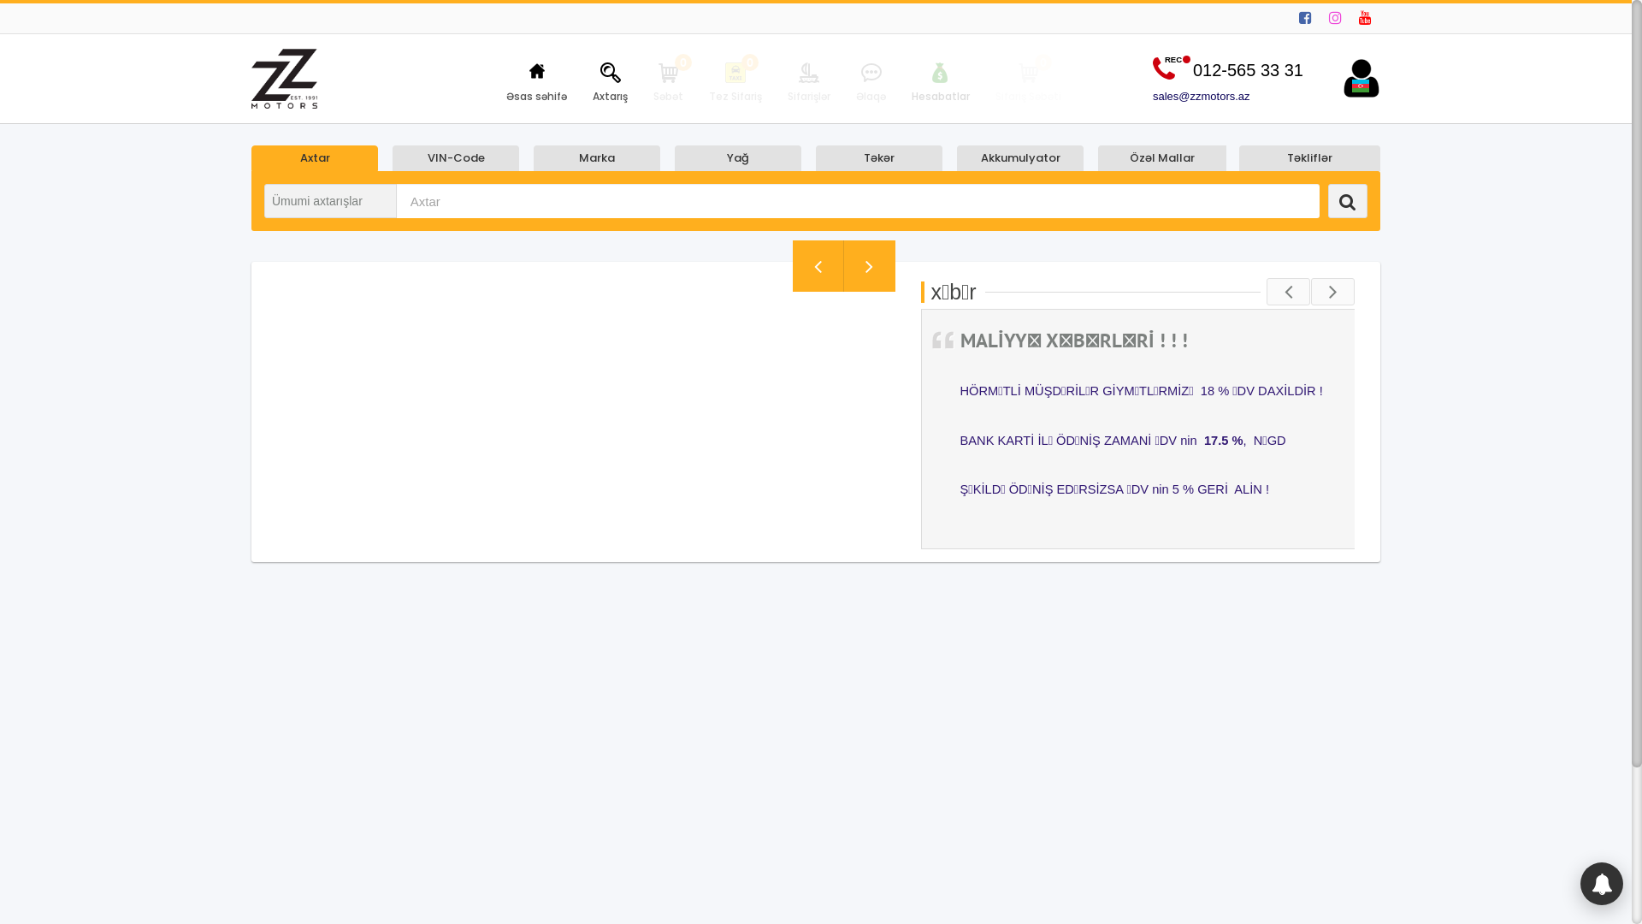 The width and height of the screenshot is (1642, 924). I want to click on 'sales@zzmotors.az', so click(1226, 96).